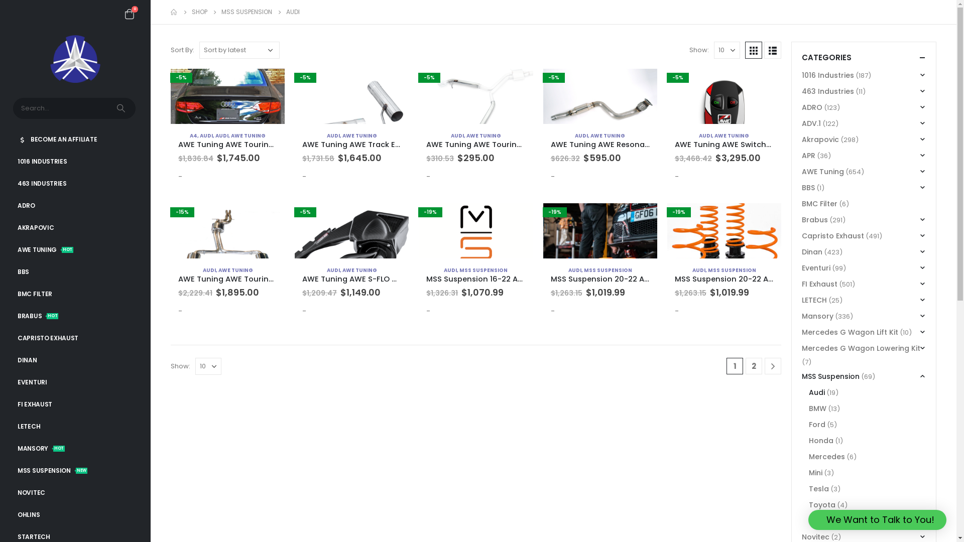  What do you see at coordinates (74, 492) in the screenshot?
I see `'NOVITEC'` at bounding box center [74, 492].